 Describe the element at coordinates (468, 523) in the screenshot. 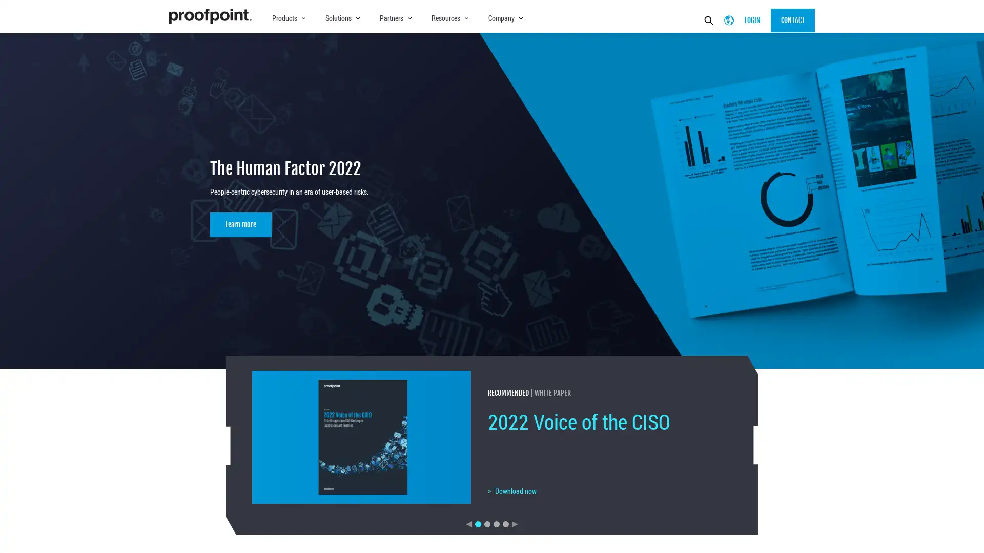

I see `Previous` at that location.